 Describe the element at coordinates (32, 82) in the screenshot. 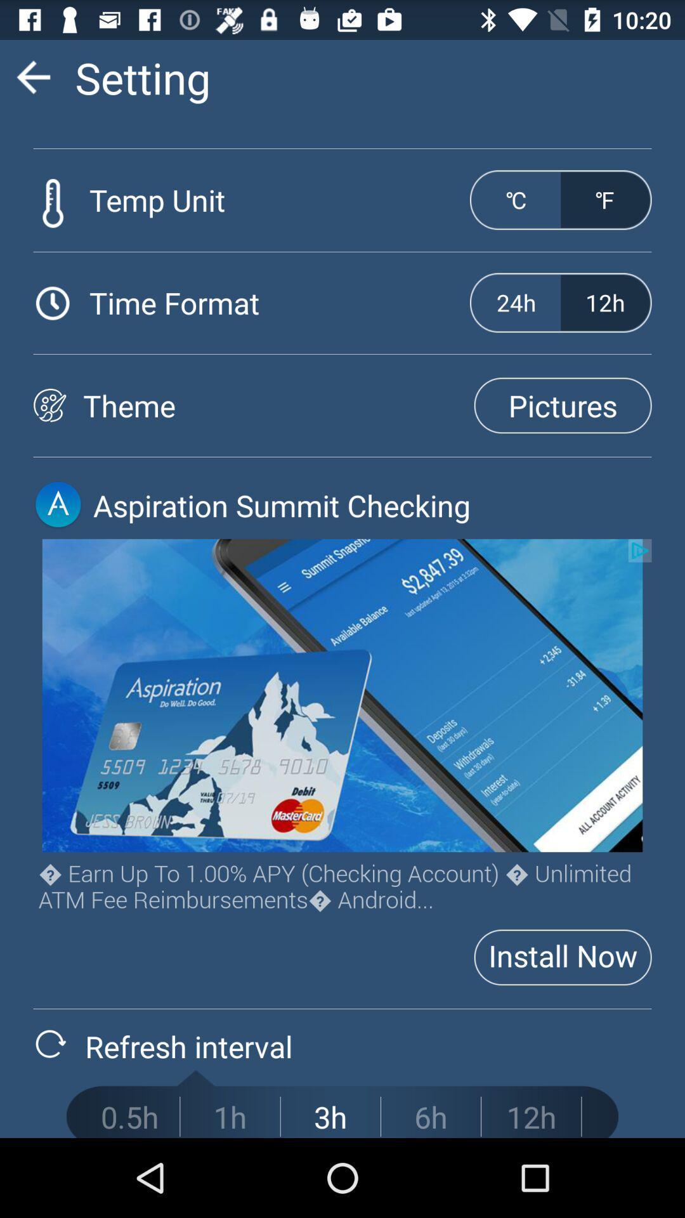

I see `the arrow_backward icon` at that location.